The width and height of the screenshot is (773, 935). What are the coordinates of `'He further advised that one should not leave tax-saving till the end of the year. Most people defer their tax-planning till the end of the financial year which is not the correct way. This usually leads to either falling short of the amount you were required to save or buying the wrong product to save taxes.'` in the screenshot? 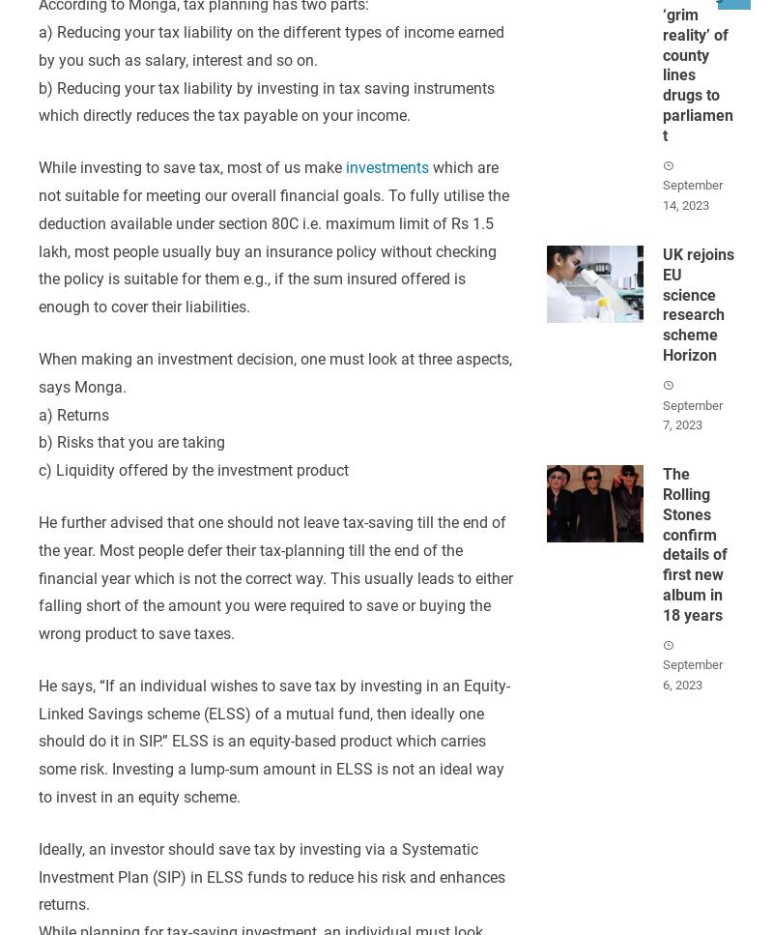 It's located at (275, 577).